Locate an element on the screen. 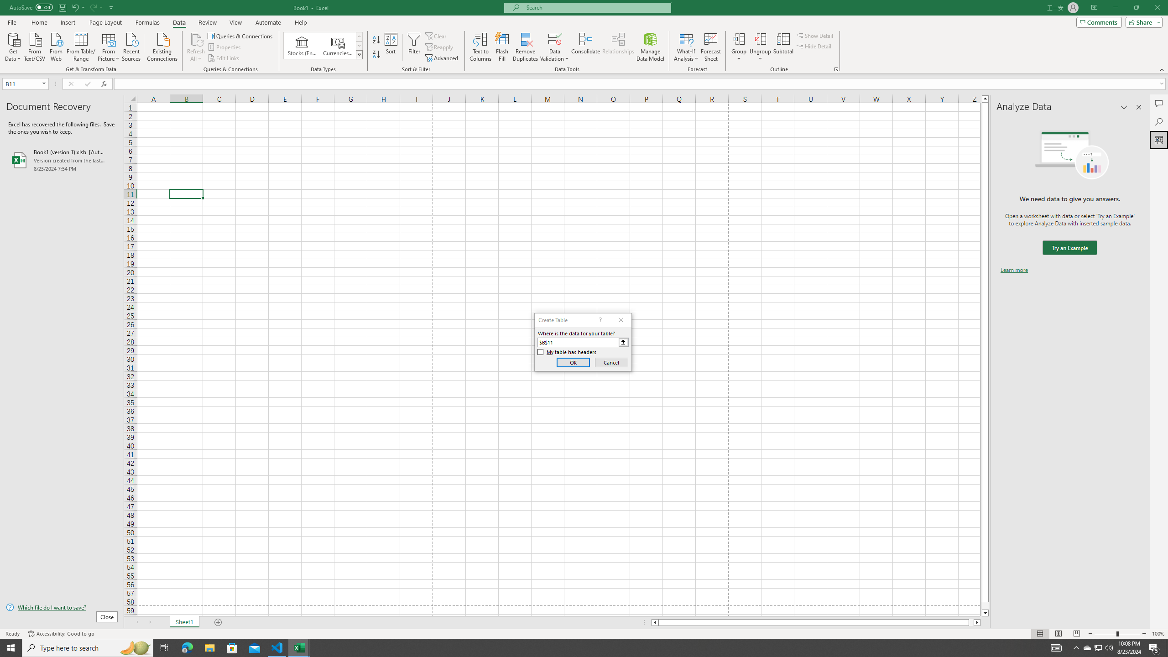 Image resolution: width=1168 pixels, height=657 pixels. 'Data Types' is located at coordinates (359, 54).